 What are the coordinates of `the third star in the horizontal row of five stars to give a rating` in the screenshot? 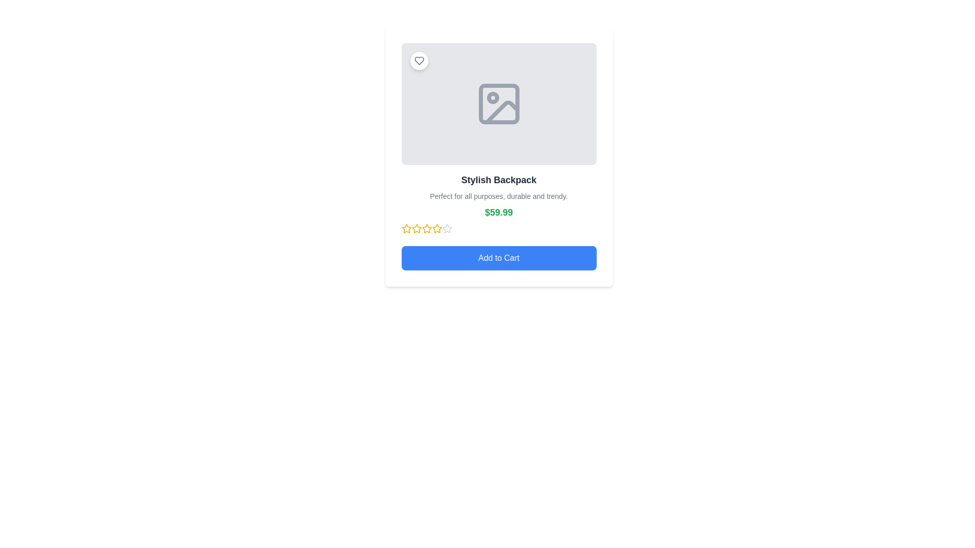 It's located at (427, 228).